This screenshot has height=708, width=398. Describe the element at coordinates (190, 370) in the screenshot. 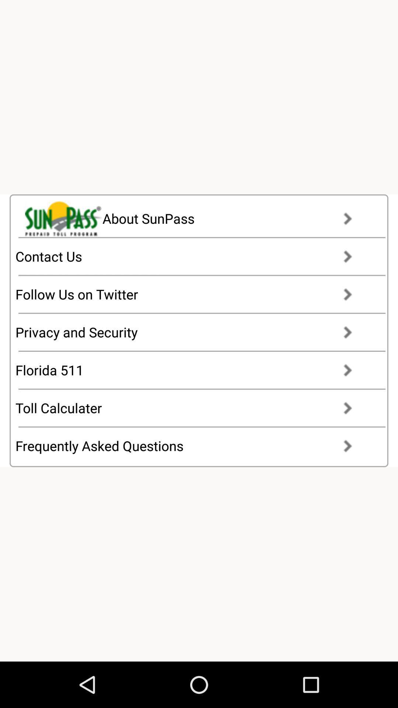

I see `florida 511 icon` at that location.